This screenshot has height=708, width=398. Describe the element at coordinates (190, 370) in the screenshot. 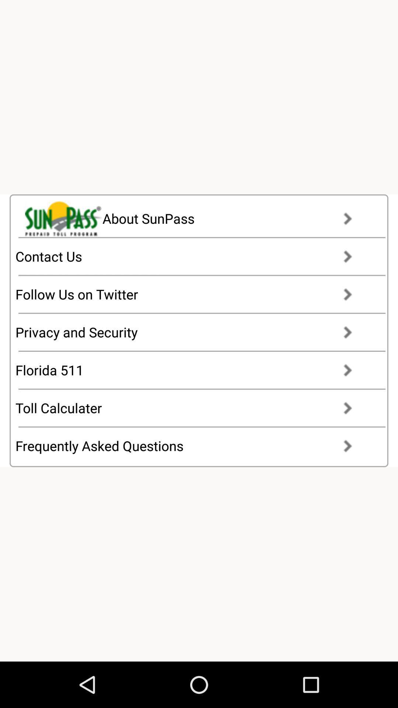

I see `florida 511 icon` at that location.